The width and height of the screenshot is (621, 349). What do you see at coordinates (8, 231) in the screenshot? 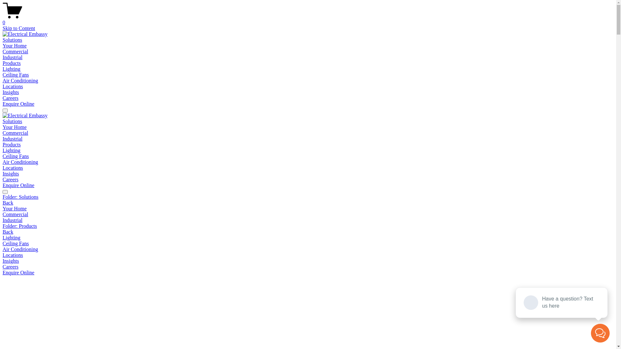
I see `'Back'` at bounding box center [8, 231].